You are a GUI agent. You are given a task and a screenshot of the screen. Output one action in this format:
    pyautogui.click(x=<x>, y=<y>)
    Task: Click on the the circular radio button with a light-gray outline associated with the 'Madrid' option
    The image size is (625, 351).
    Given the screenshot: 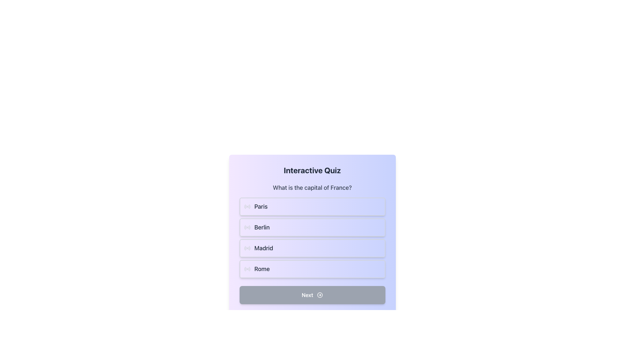 What is the action you would take?
    pyautogui.click(x=247, y=248)
    